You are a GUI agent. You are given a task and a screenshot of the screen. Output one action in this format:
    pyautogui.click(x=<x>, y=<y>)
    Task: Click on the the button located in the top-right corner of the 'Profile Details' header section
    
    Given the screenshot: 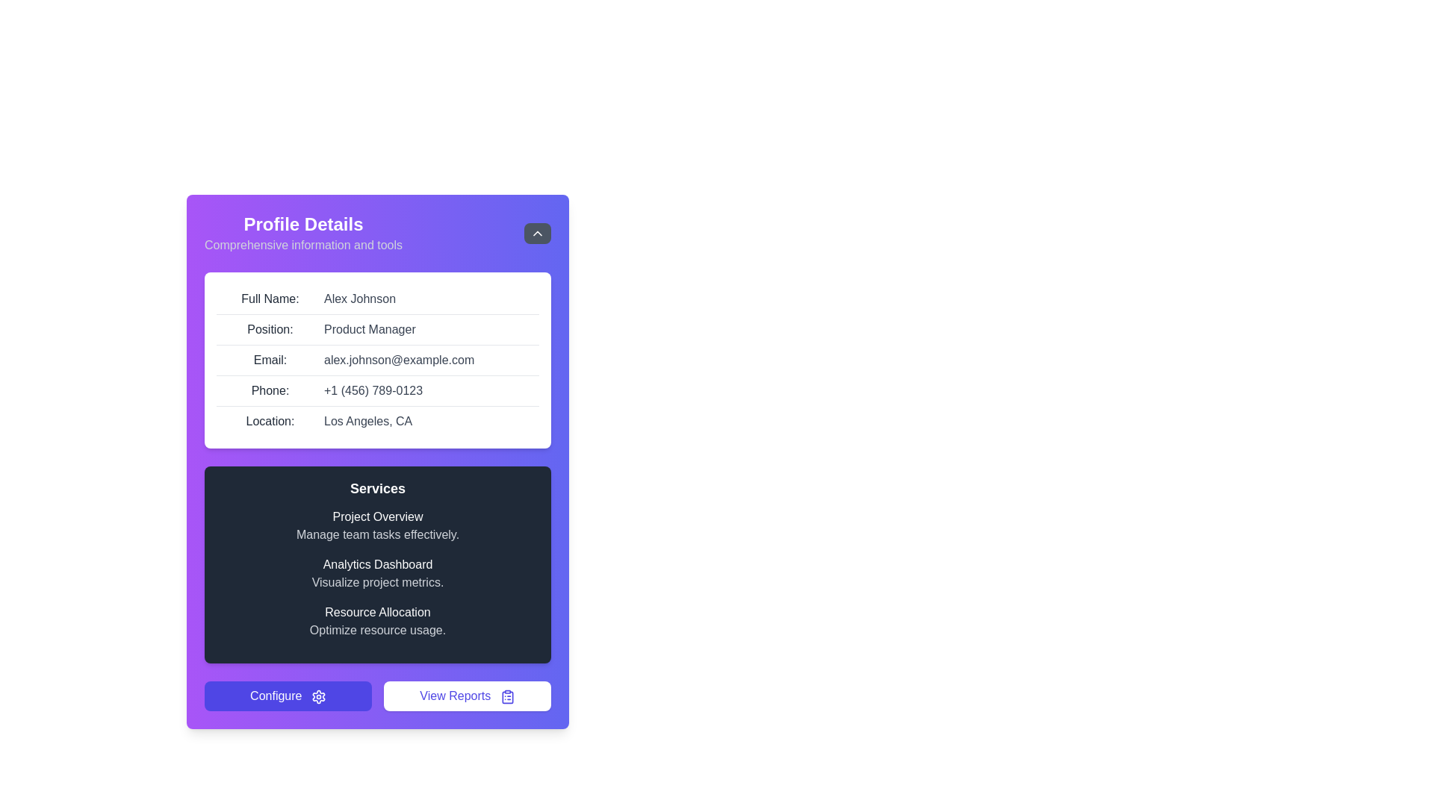 What is the action you would take?
    pyautogui.click(x=538, y=233)
    